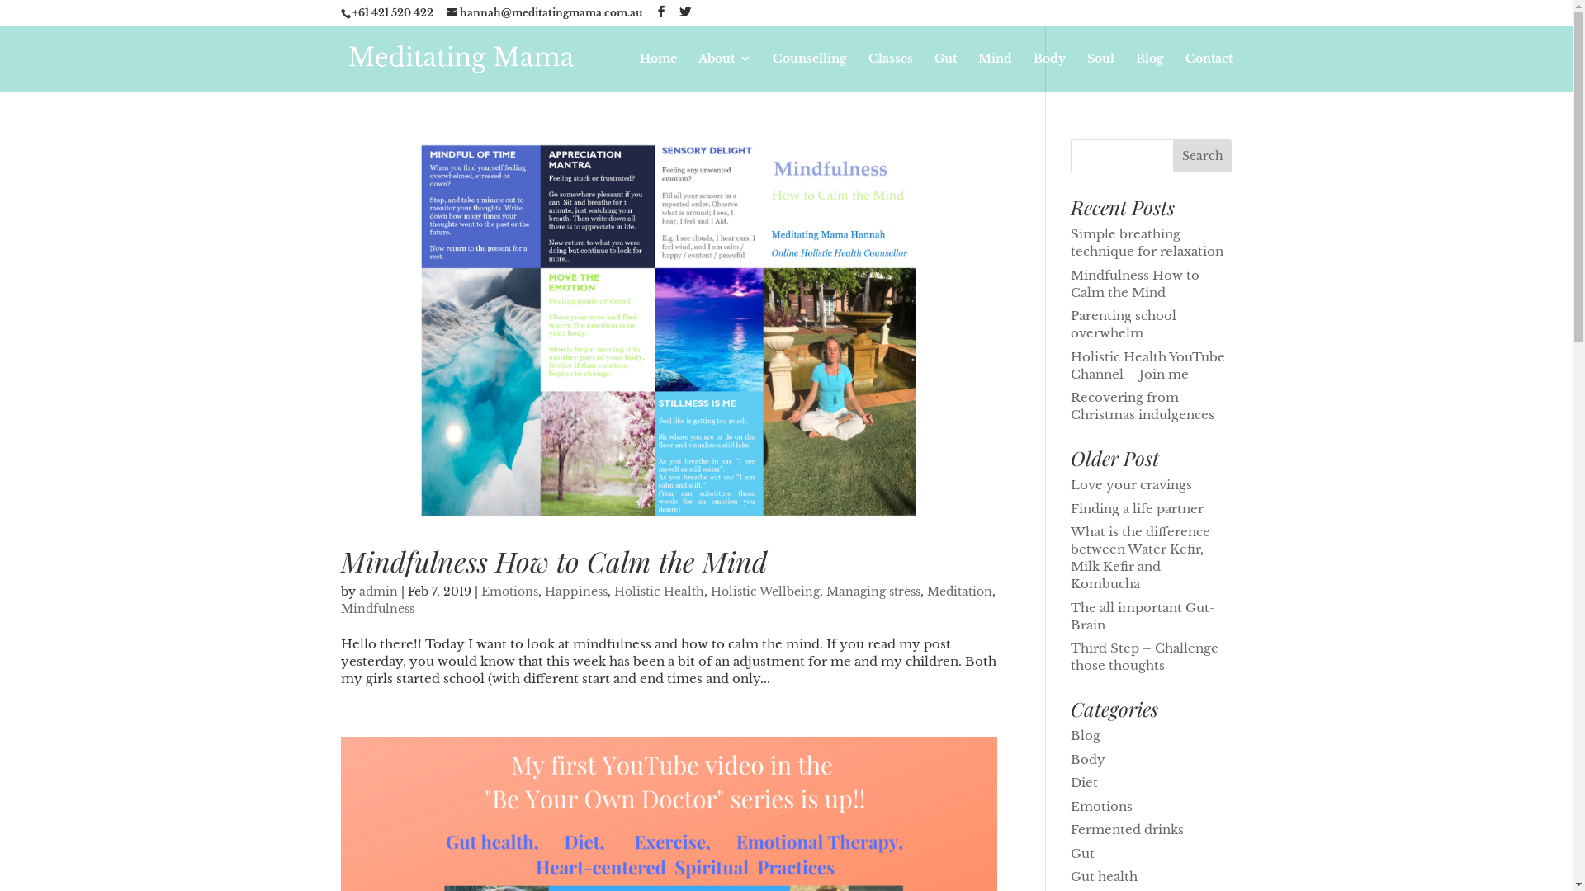  I want to click on 'Classes', so click(890, 71).